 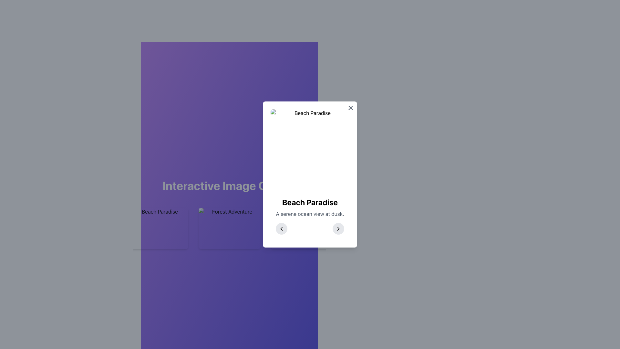 What do you see at coordinates (157, 228) in the screenshot?
I see `the first clickable image item representing 'Beach Paradise' to observe the scaling effect` at bounding box center [157, 228].